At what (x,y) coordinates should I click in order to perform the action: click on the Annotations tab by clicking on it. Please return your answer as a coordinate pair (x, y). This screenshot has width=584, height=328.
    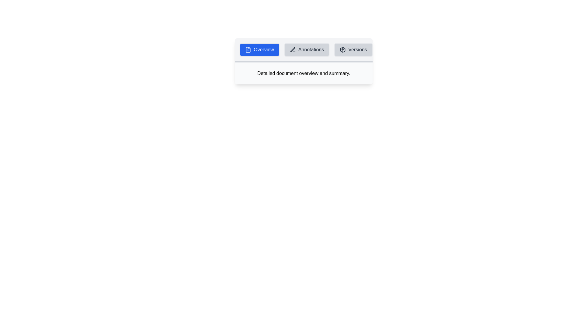
    Looking at the image, I should click on (307, 50).